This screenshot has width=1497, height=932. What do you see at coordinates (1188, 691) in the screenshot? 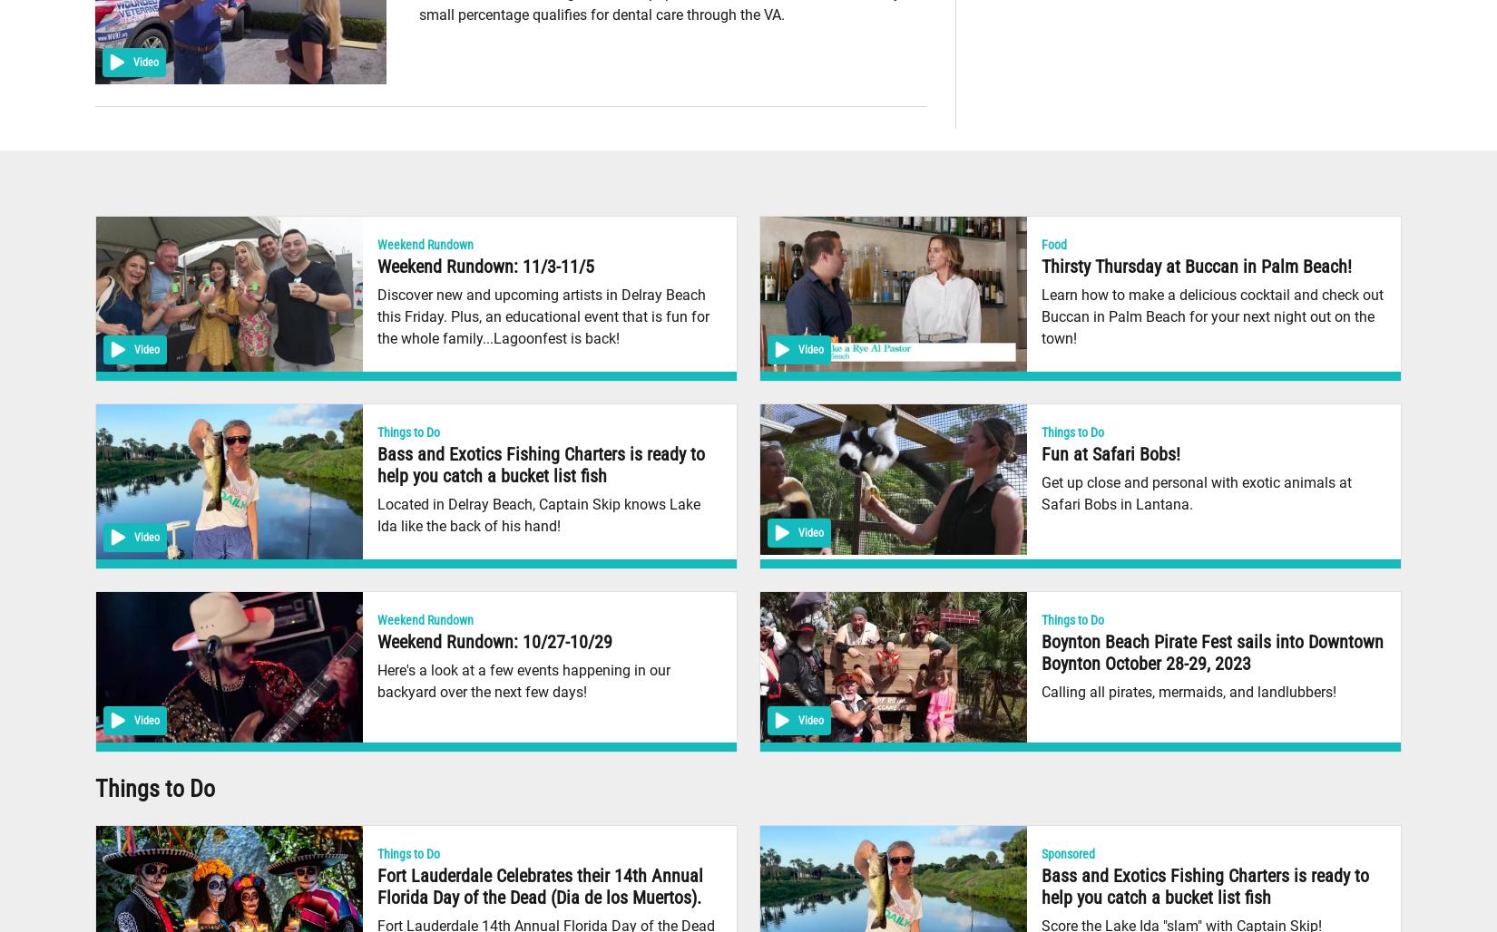
I see `'Calling all pirates, mermaids, and landlubbers!'` at bounding box center [1188, 691].